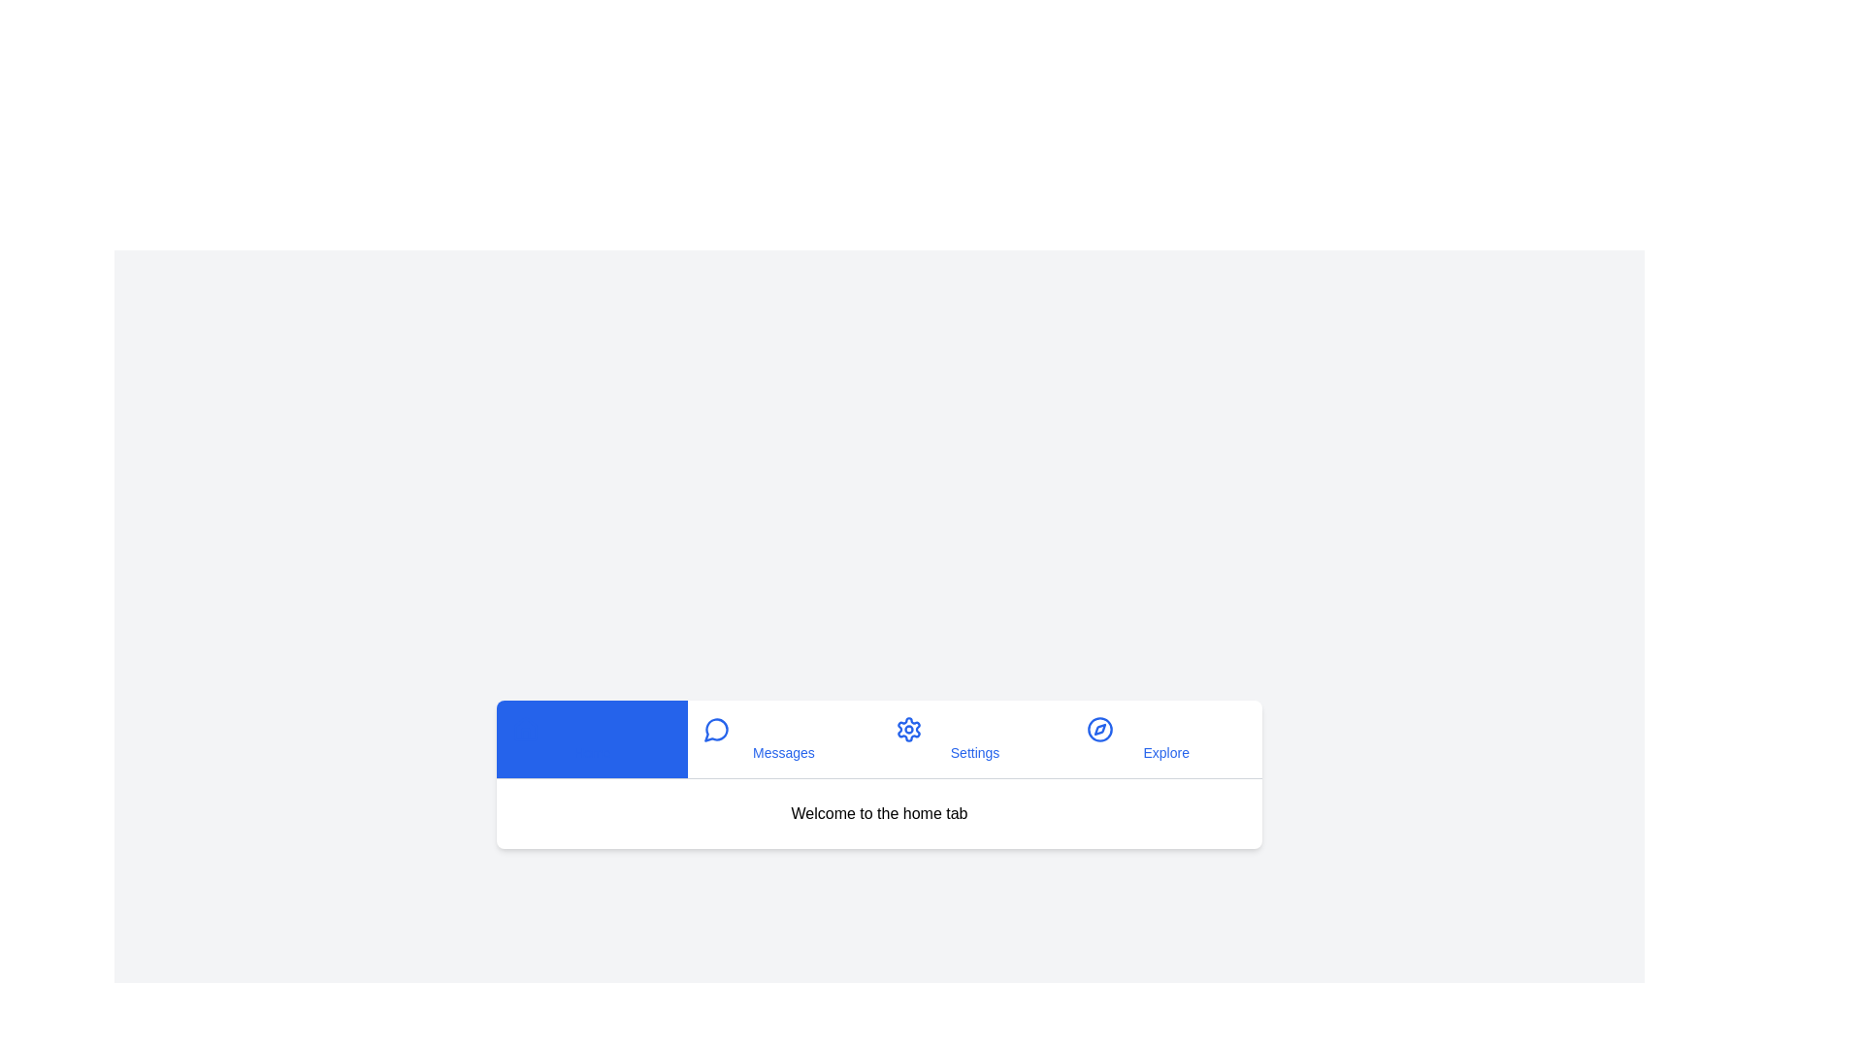  What do you see at coordinates (1165, 738) in the screenshot?
I see `the tab labeled Explore by clicking its button` at bounding box center [1165, 738].